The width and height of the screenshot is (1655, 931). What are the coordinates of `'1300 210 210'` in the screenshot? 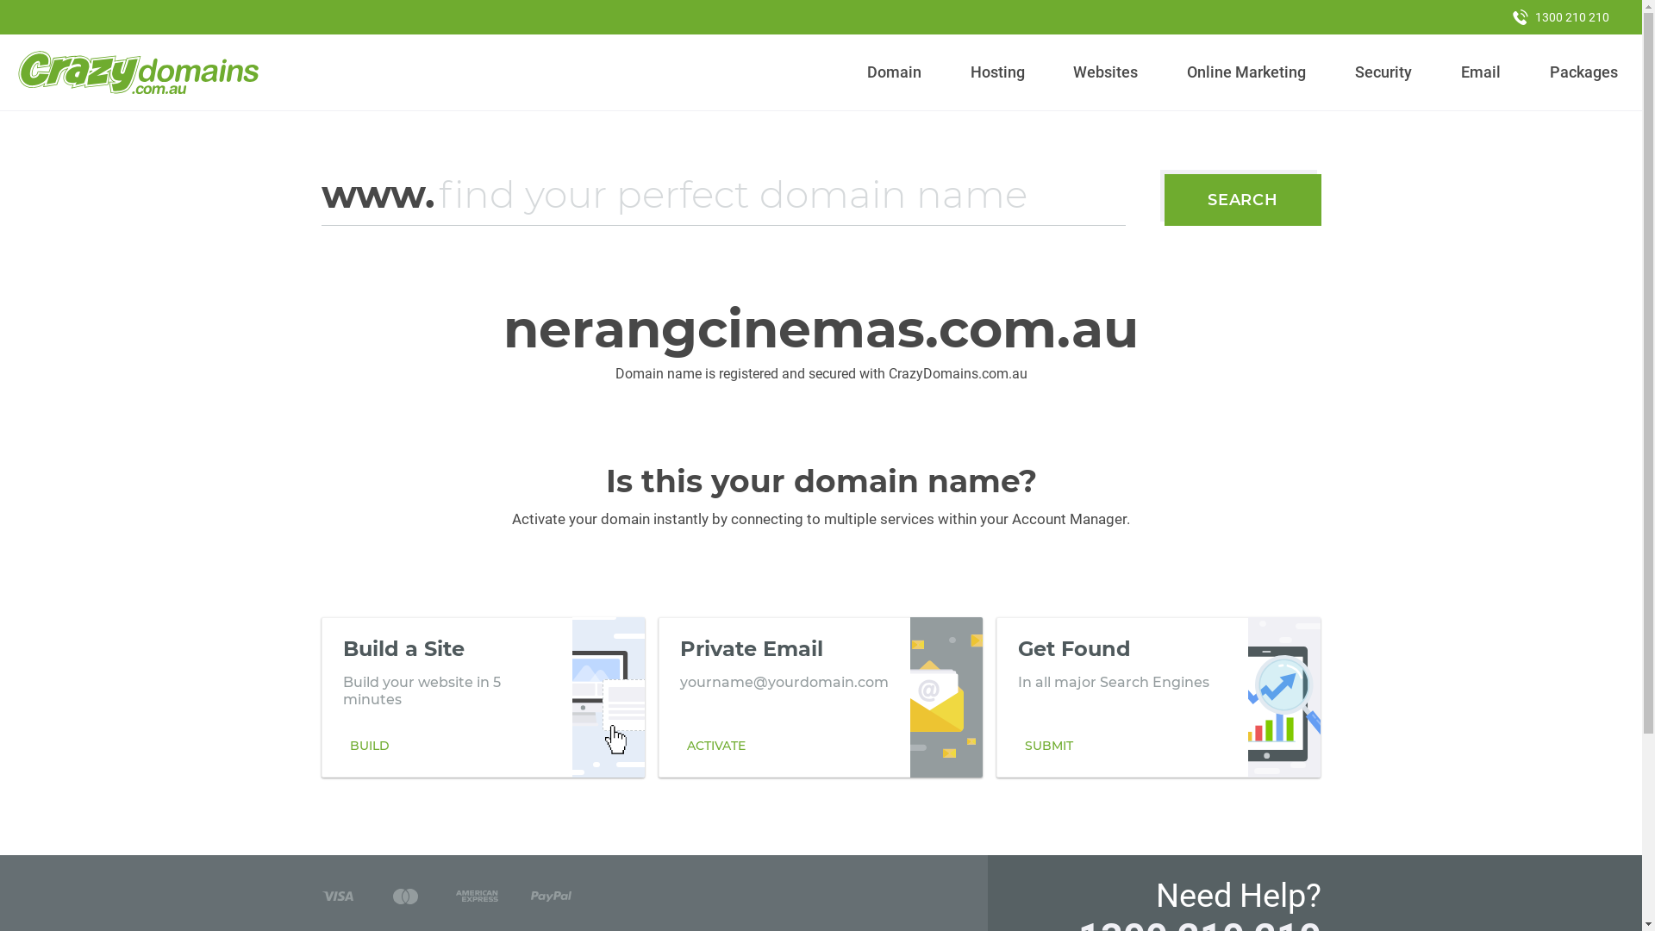 It's located at (1560, 16).